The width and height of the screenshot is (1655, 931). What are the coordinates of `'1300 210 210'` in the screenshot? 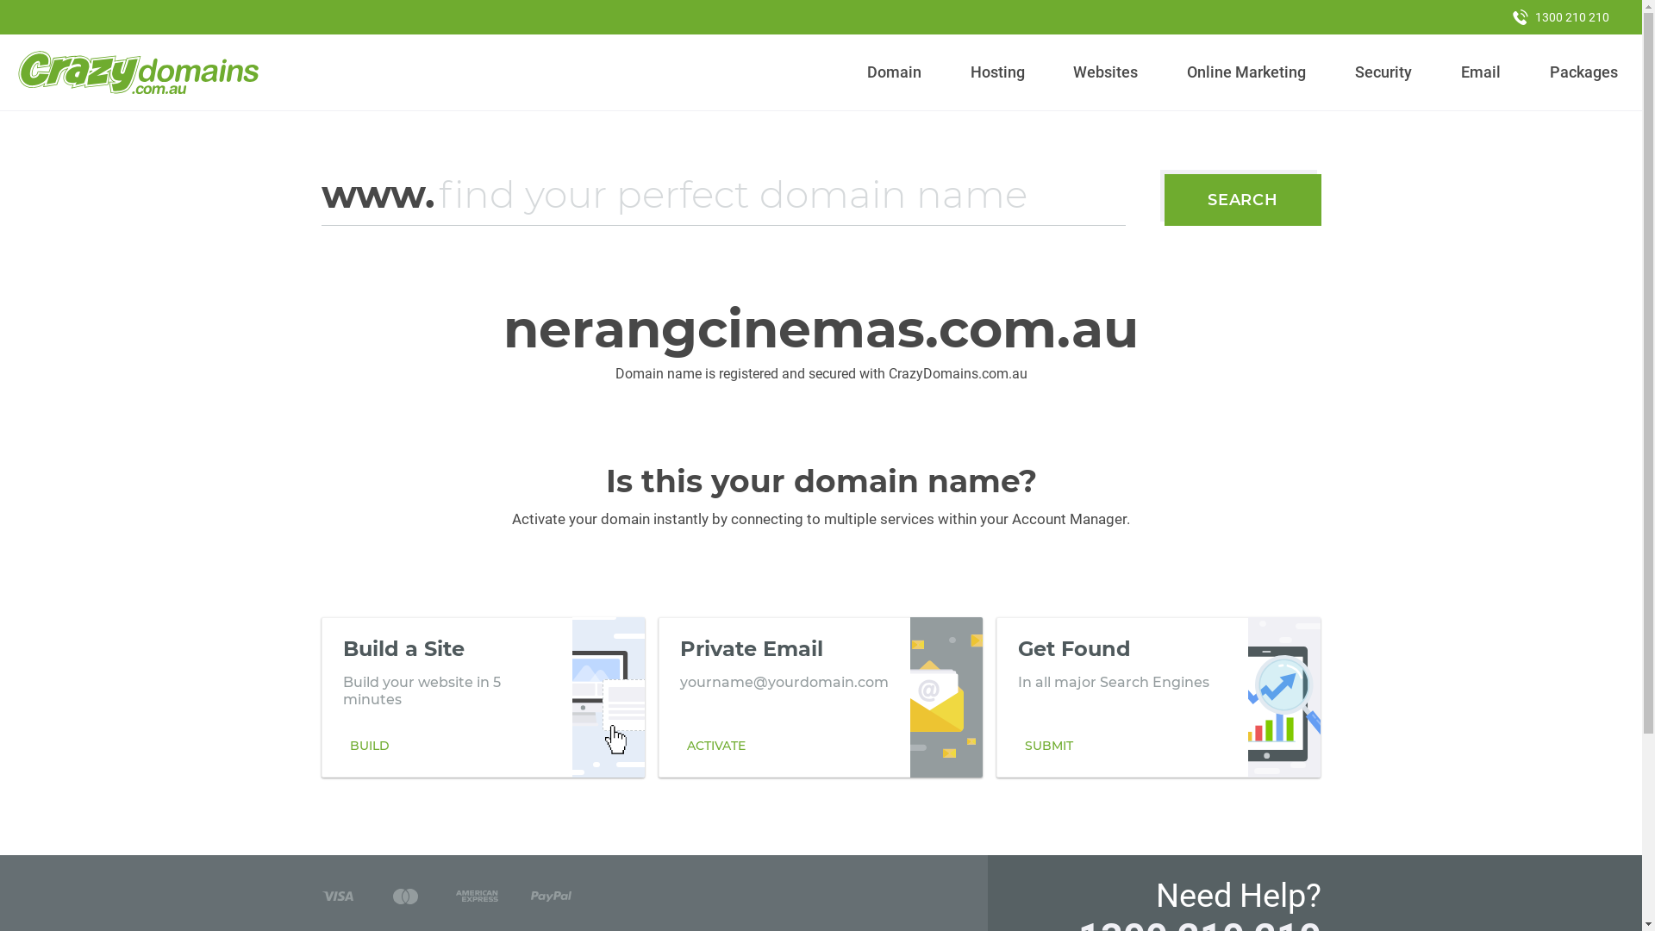 It's located at (1560, 16).